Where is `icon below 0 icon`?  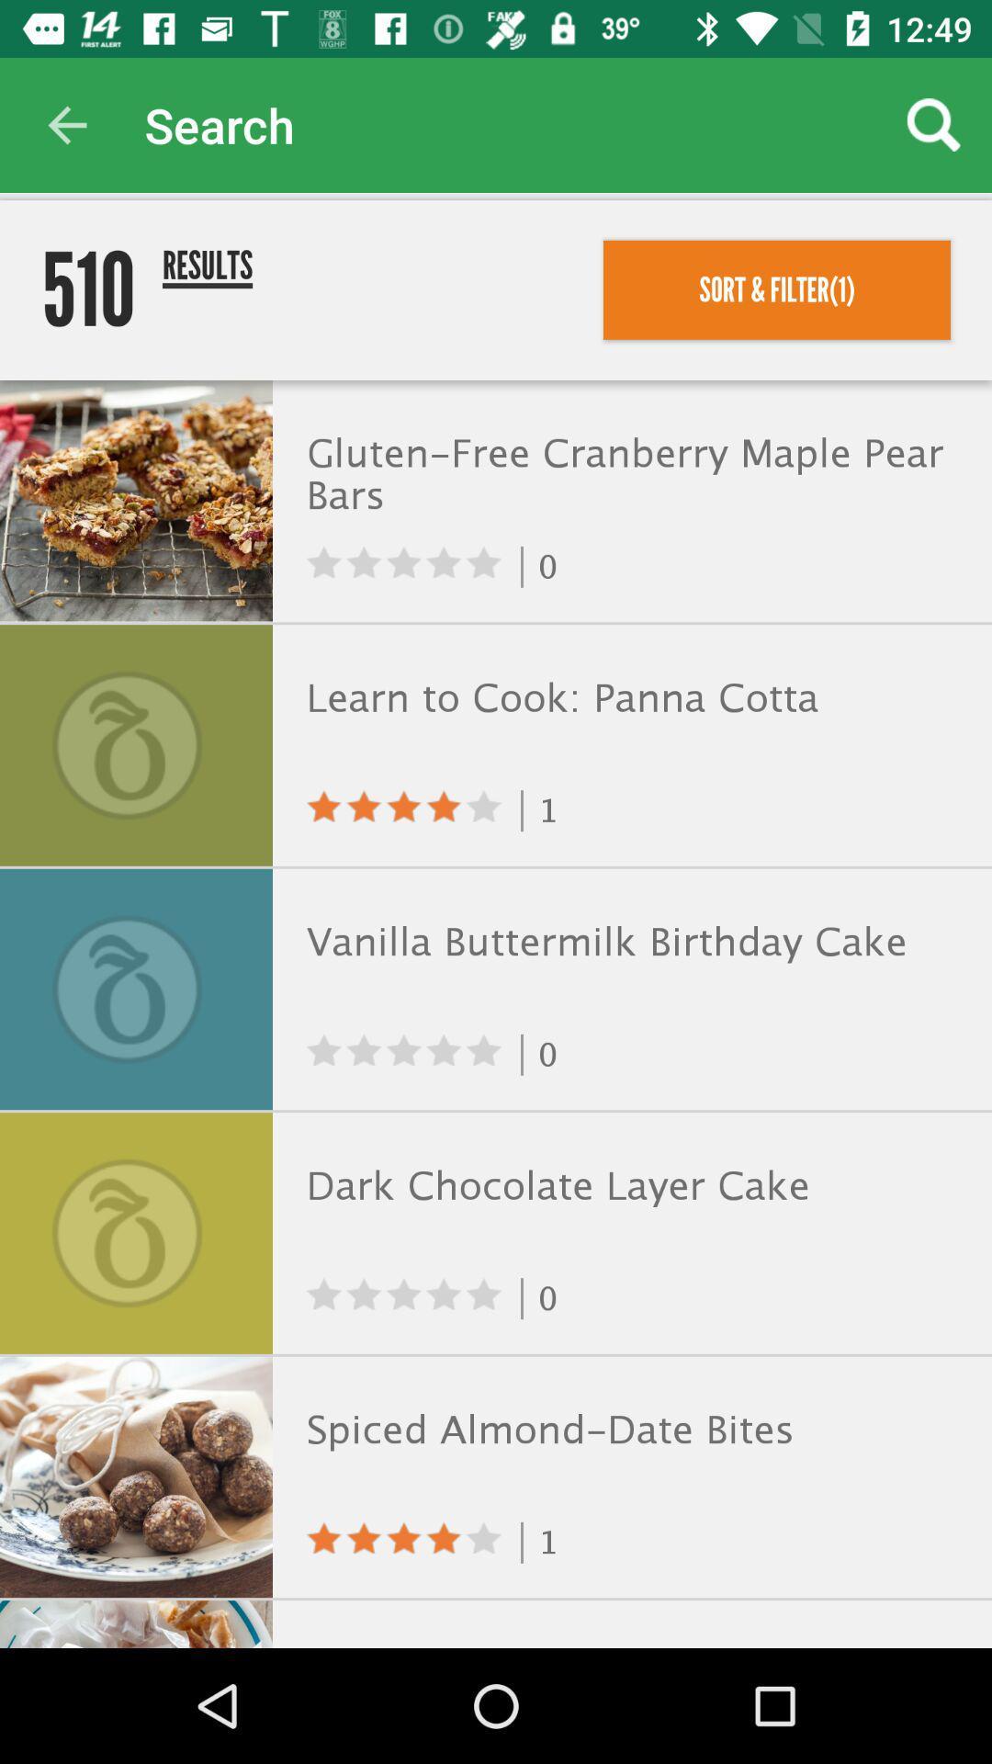 icon below 0 icon is located at coordinates (627, 1429).